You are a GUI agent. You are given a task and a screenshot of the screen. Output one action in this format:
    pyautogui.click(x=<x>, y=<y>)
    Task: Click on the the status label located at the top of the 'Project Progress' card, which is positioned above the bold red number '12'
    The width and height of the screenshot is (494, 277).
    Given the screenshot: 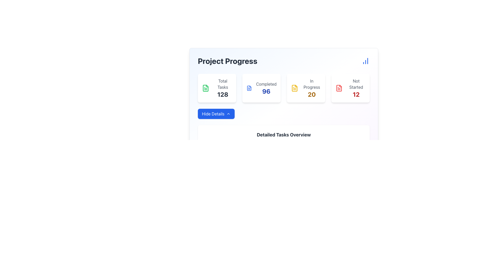 What is the action you would take?
    pyautogui.click(x=356, y=84)
    